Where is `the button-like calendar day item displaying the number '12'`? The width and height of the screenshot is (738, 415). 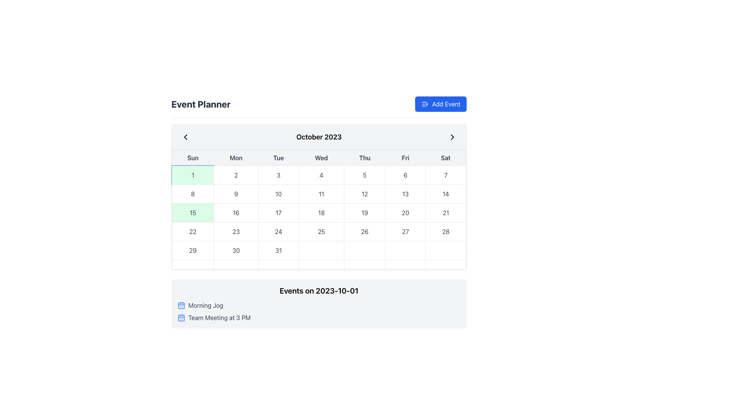
the button-like calendar day item displaying the number '12' is located at coordinates (364, 194).